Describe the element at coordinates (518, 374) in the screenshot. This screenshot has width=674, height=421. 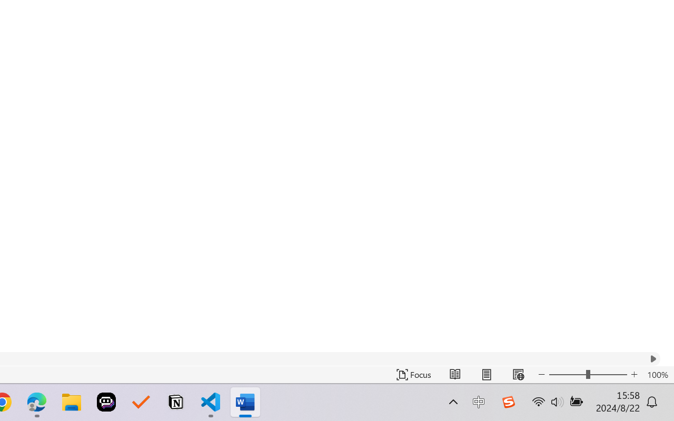
I see `'Web Layout'` at that location.